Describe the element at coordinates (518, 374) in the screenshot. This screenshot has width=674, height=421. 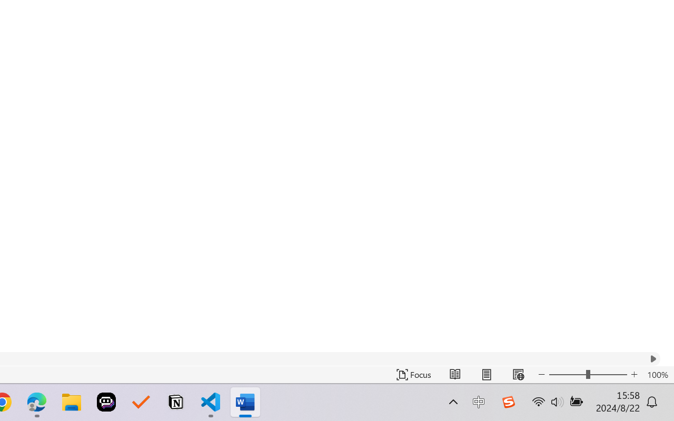
I see `'Web Layout'` at that location.